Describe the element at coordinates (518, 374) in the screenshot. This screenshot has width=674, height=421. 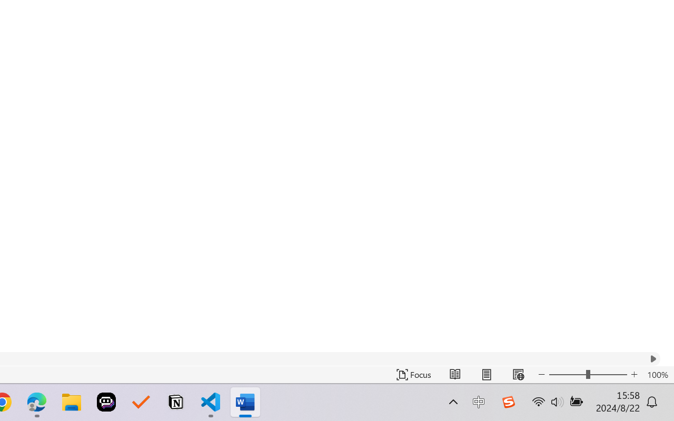
I see `'Web Layout'` at that location.